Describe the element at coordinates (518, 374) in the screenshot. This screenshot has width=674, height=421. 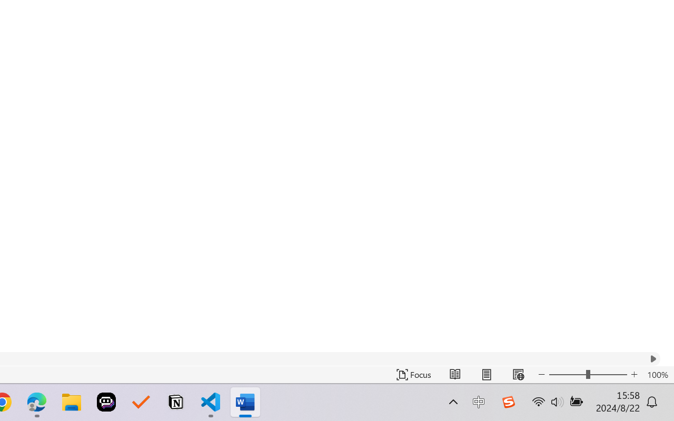
I see `'Web Layout'` at that location.